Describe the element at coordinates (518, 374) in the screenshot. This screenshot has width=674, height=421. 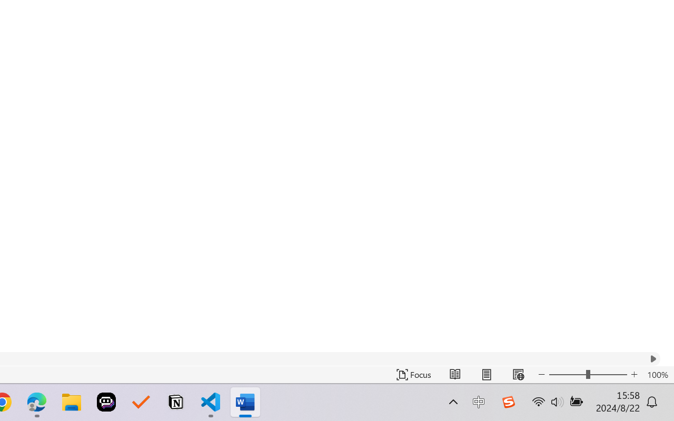
I see `'Web Layout'` at that location.